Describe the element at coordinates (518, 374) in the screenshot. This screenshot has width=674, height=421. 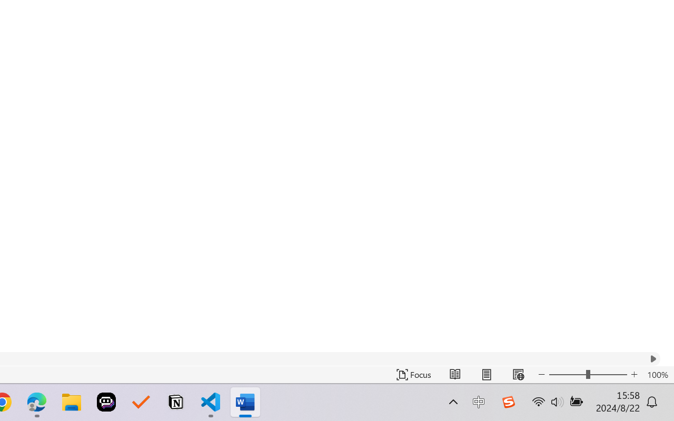
I see `'Web Layout'` at that location.